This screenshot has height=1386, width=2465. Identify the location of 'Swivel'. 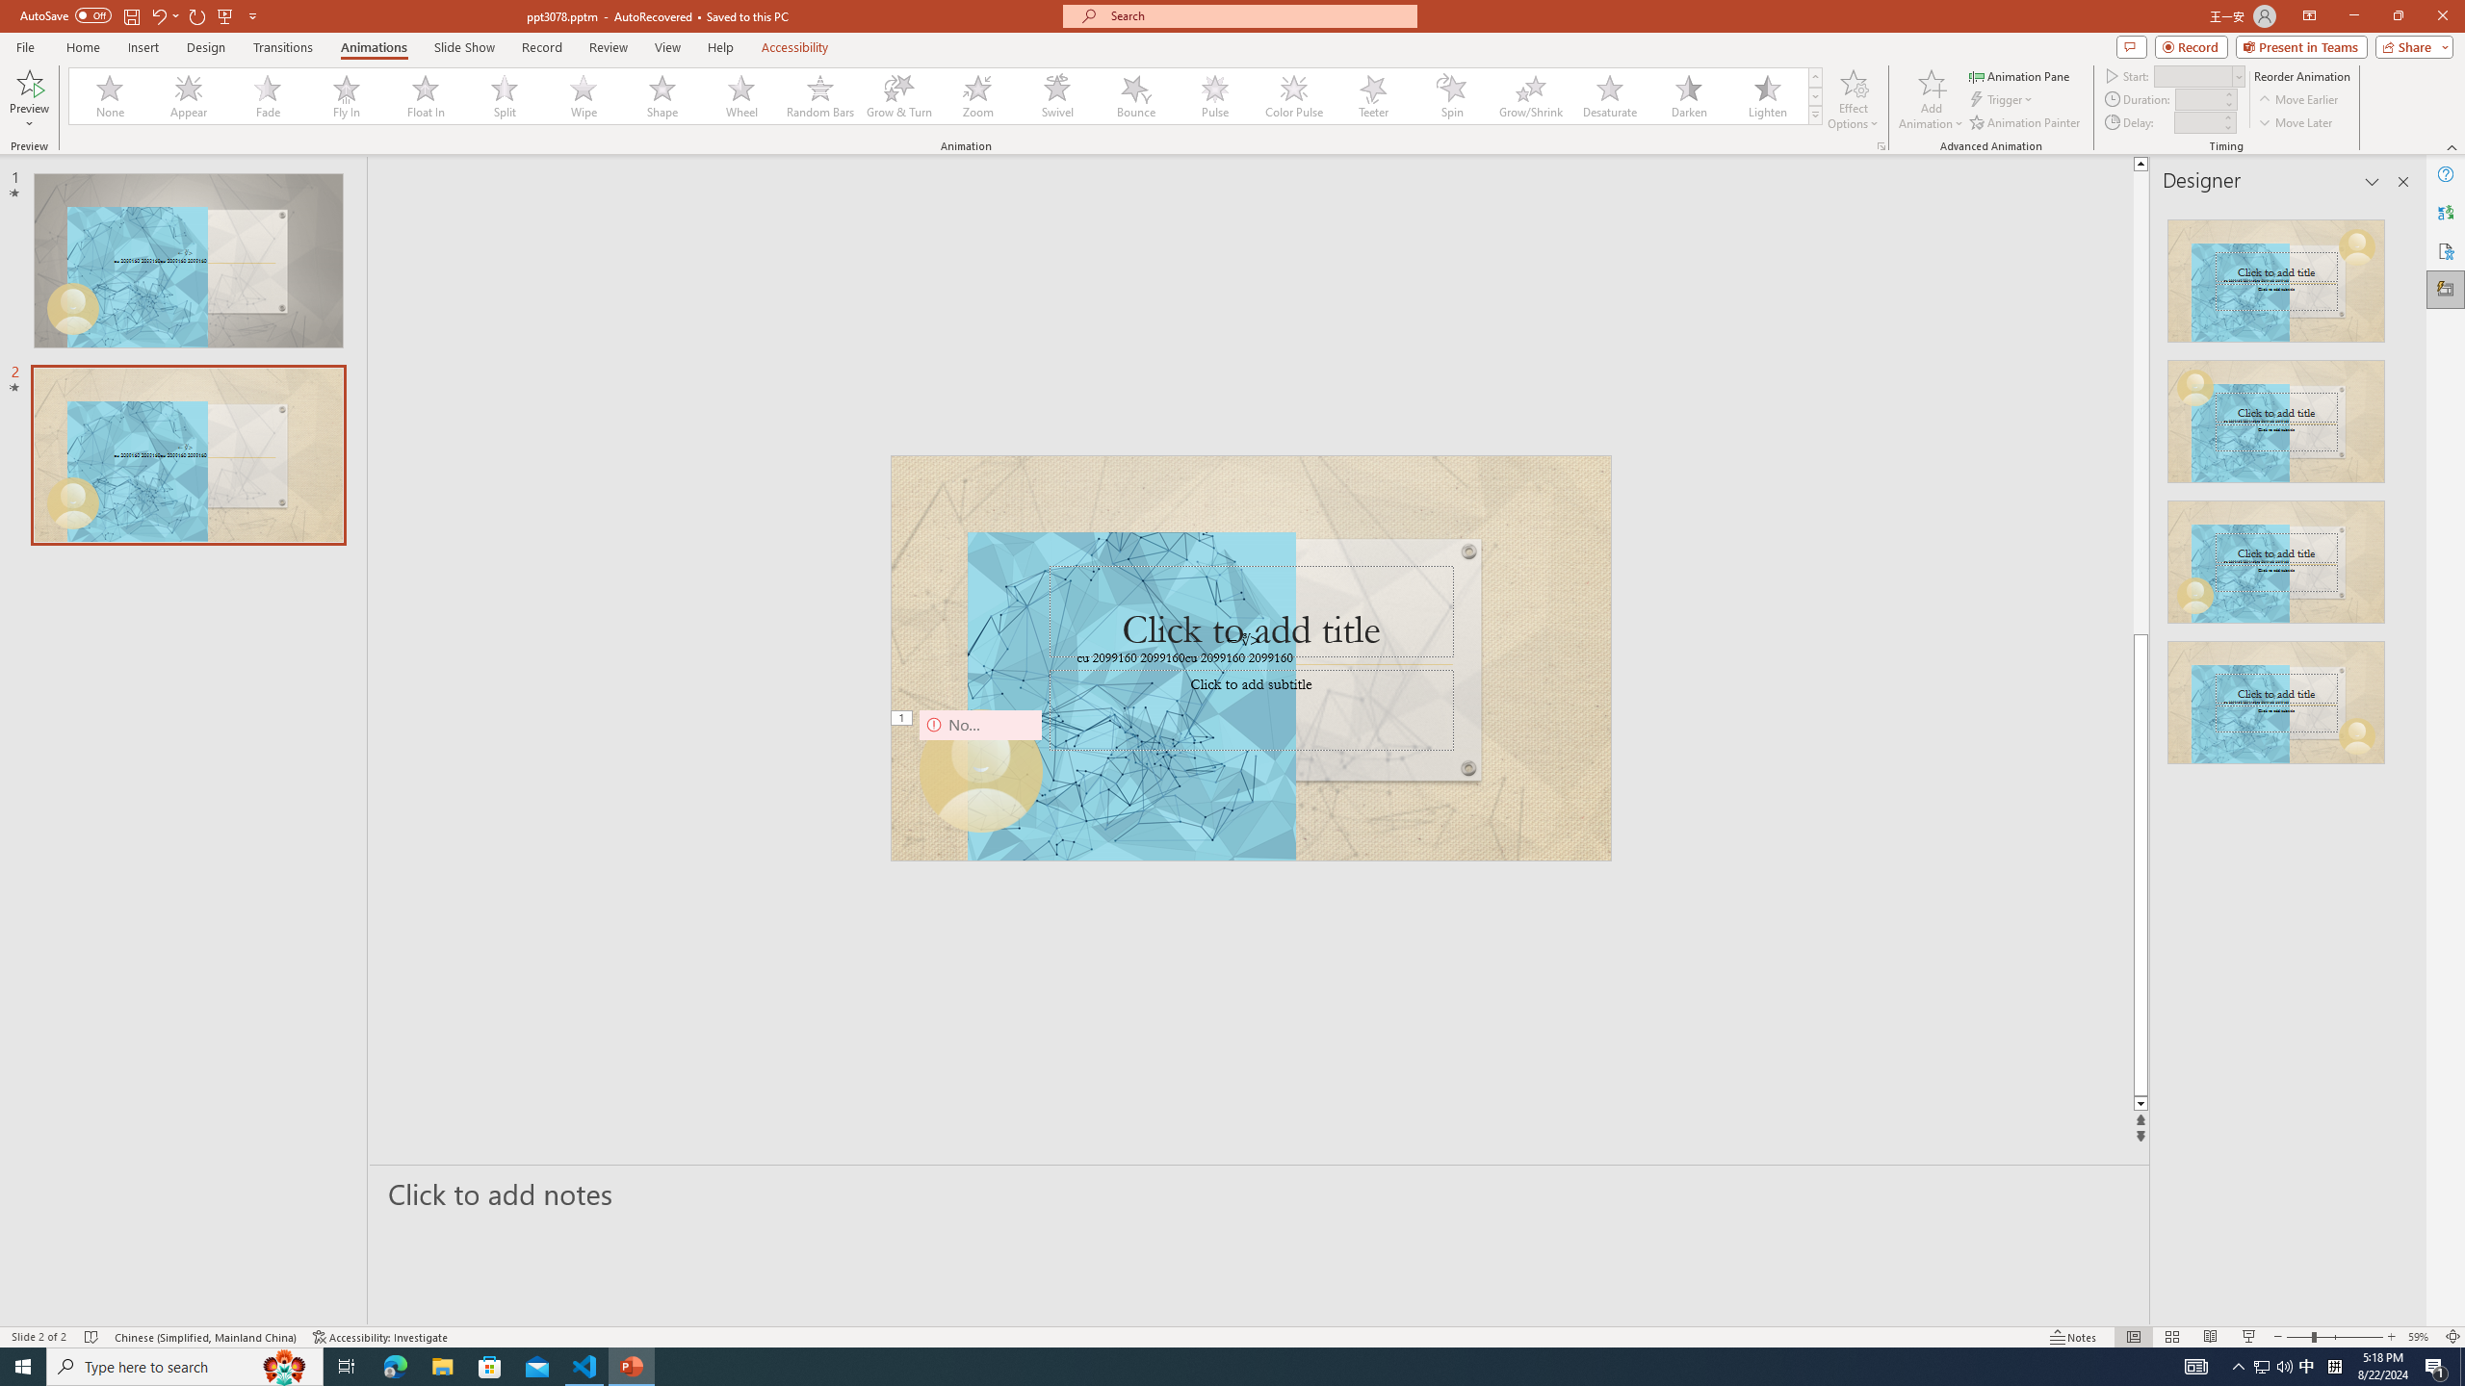
(1056, 95).